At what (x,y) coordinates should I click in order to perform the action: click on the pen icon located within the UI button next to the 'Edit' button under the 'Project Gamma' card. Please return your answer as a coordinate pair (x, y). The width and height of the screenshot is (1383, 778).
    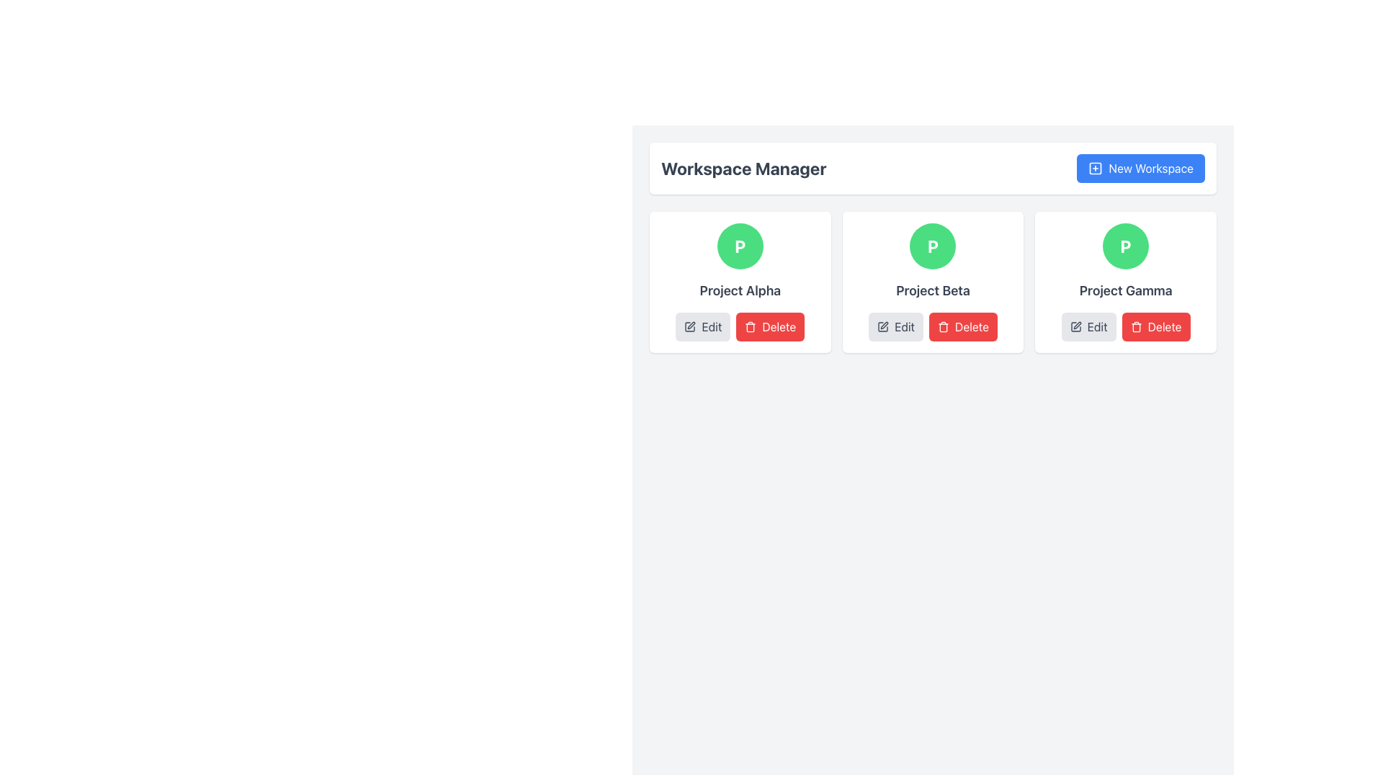
    Looking at the image, I should click on (1077, 325).